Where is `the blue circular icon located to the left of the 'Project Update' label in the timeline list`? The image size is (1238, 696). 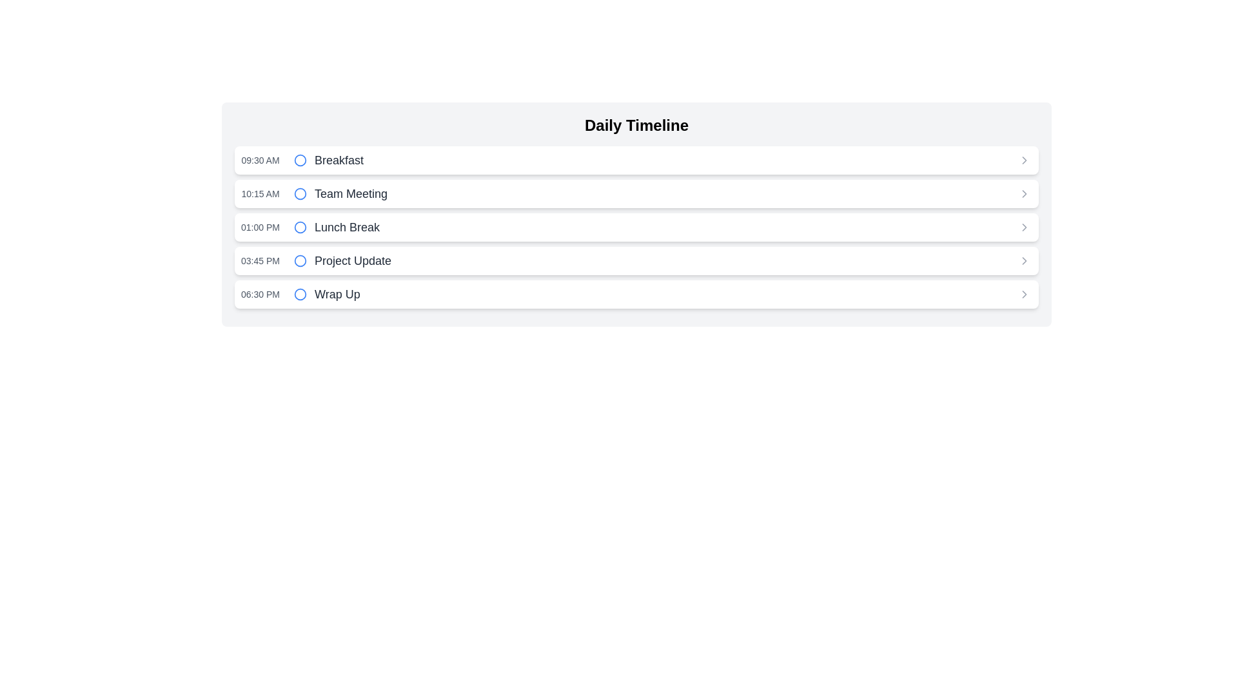
the blue circular icon located to the left of the 'Project Update' label in the timeline list is located at coordinates (299, 261).